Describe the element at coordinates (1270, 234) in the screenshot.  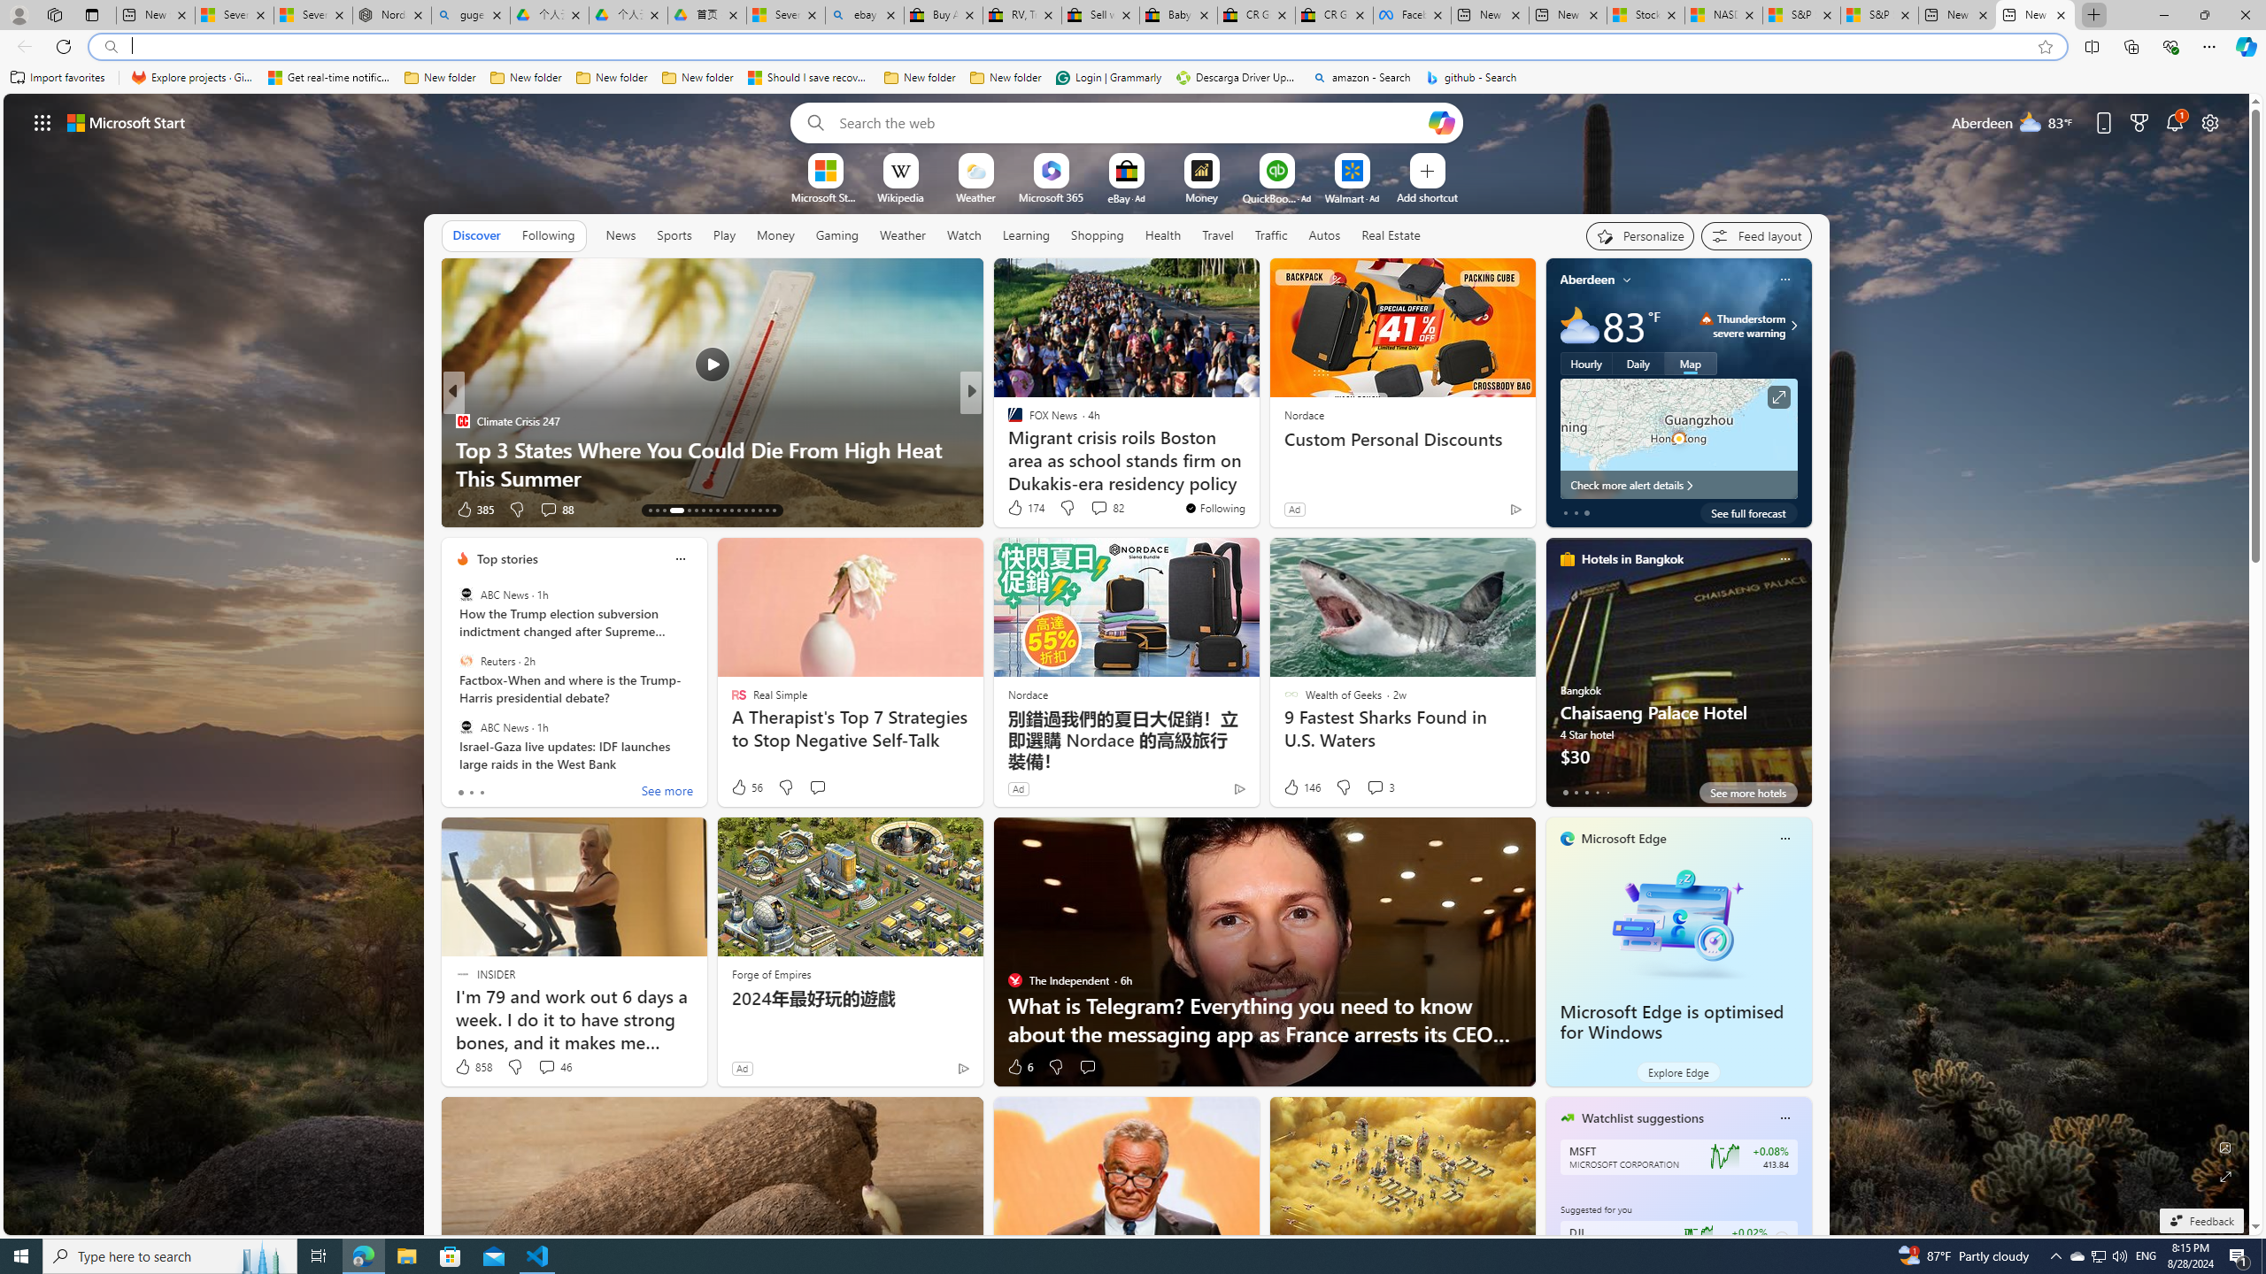
I see `'Traffic'` at that location.